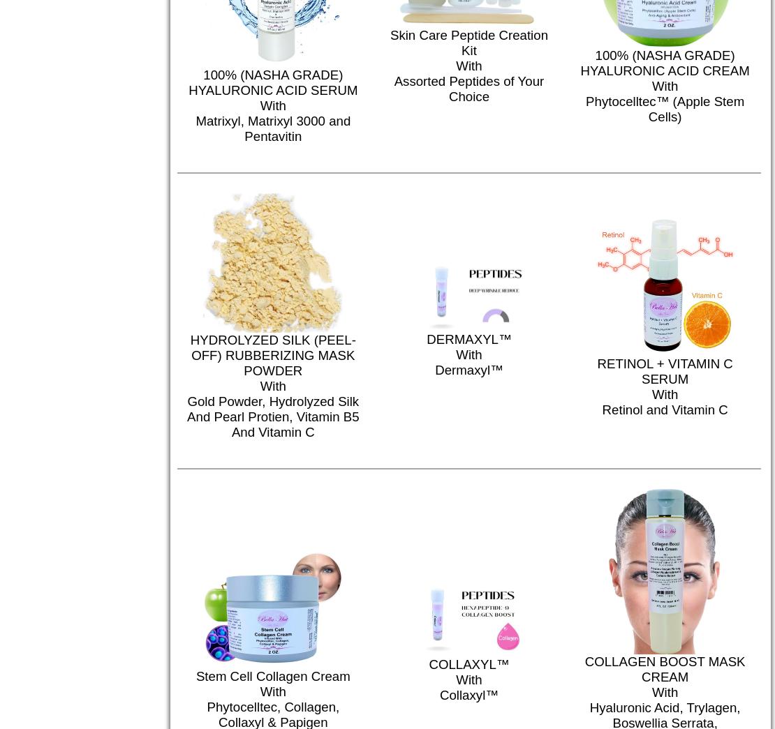 Image resolution: width=775 pixels, height=729 pixels. I want to click on 'With Assorted Peptides of Your Choice', so click(473, 462).